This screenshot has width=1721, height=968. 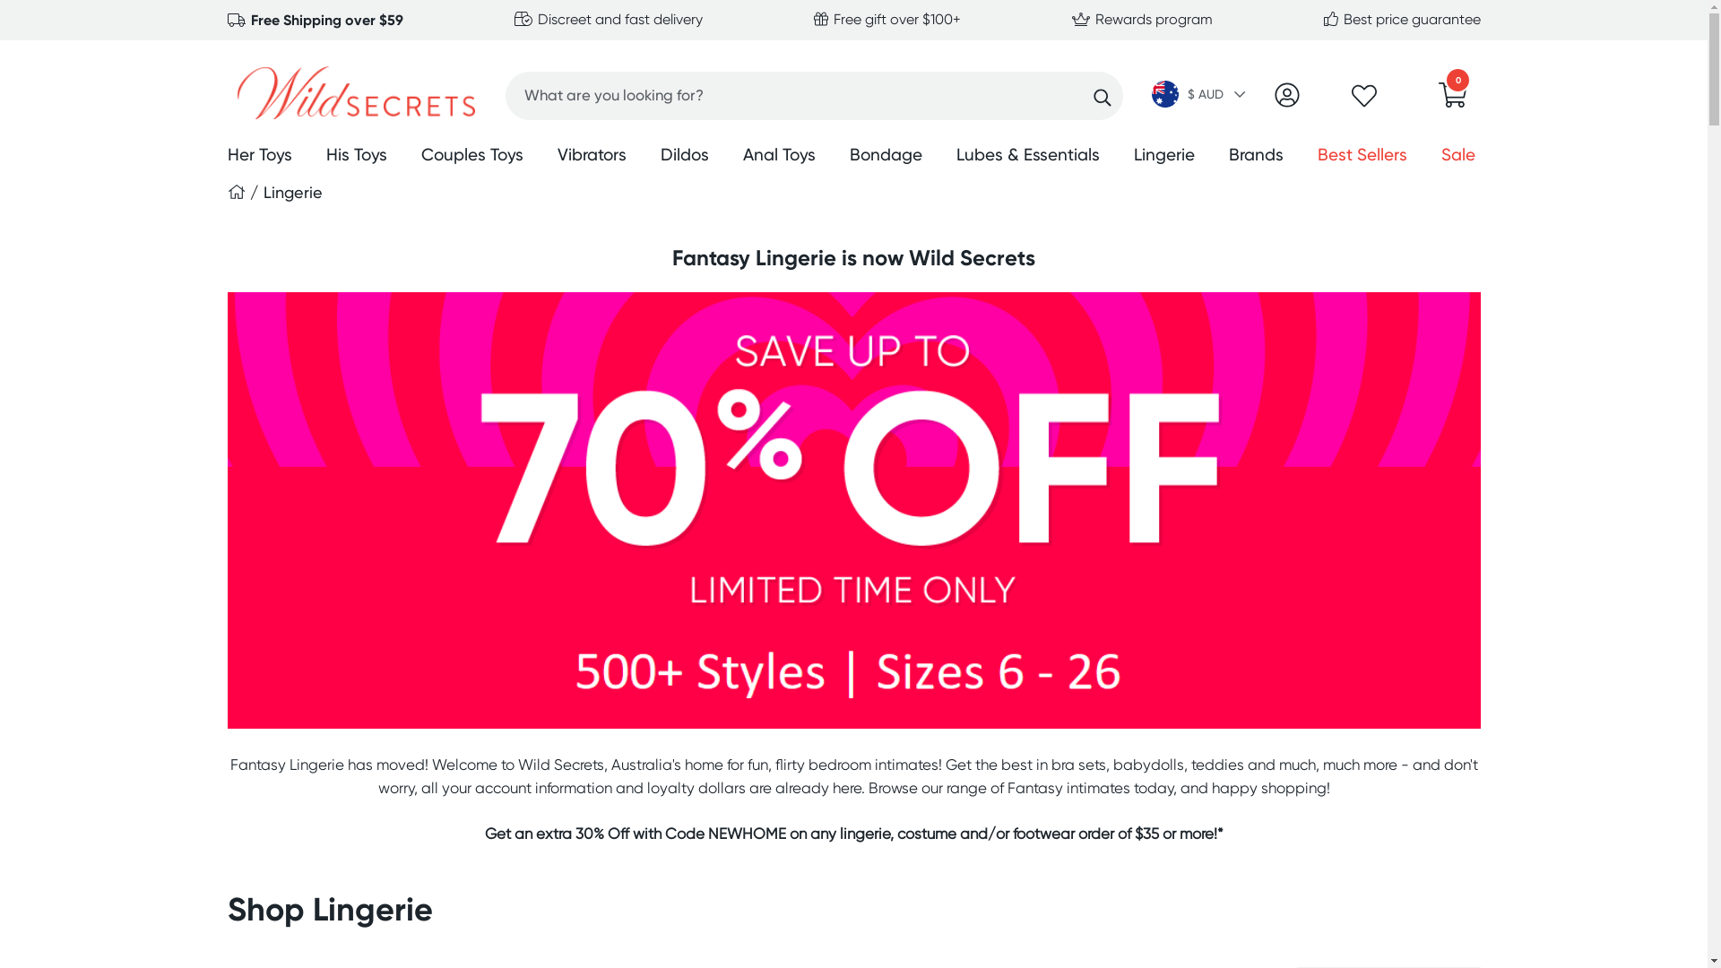 What do you see at coordinates (608, 19) in the screenshot?
I see `'Discreet and fast delivery'` at bounding box center [608, 19].